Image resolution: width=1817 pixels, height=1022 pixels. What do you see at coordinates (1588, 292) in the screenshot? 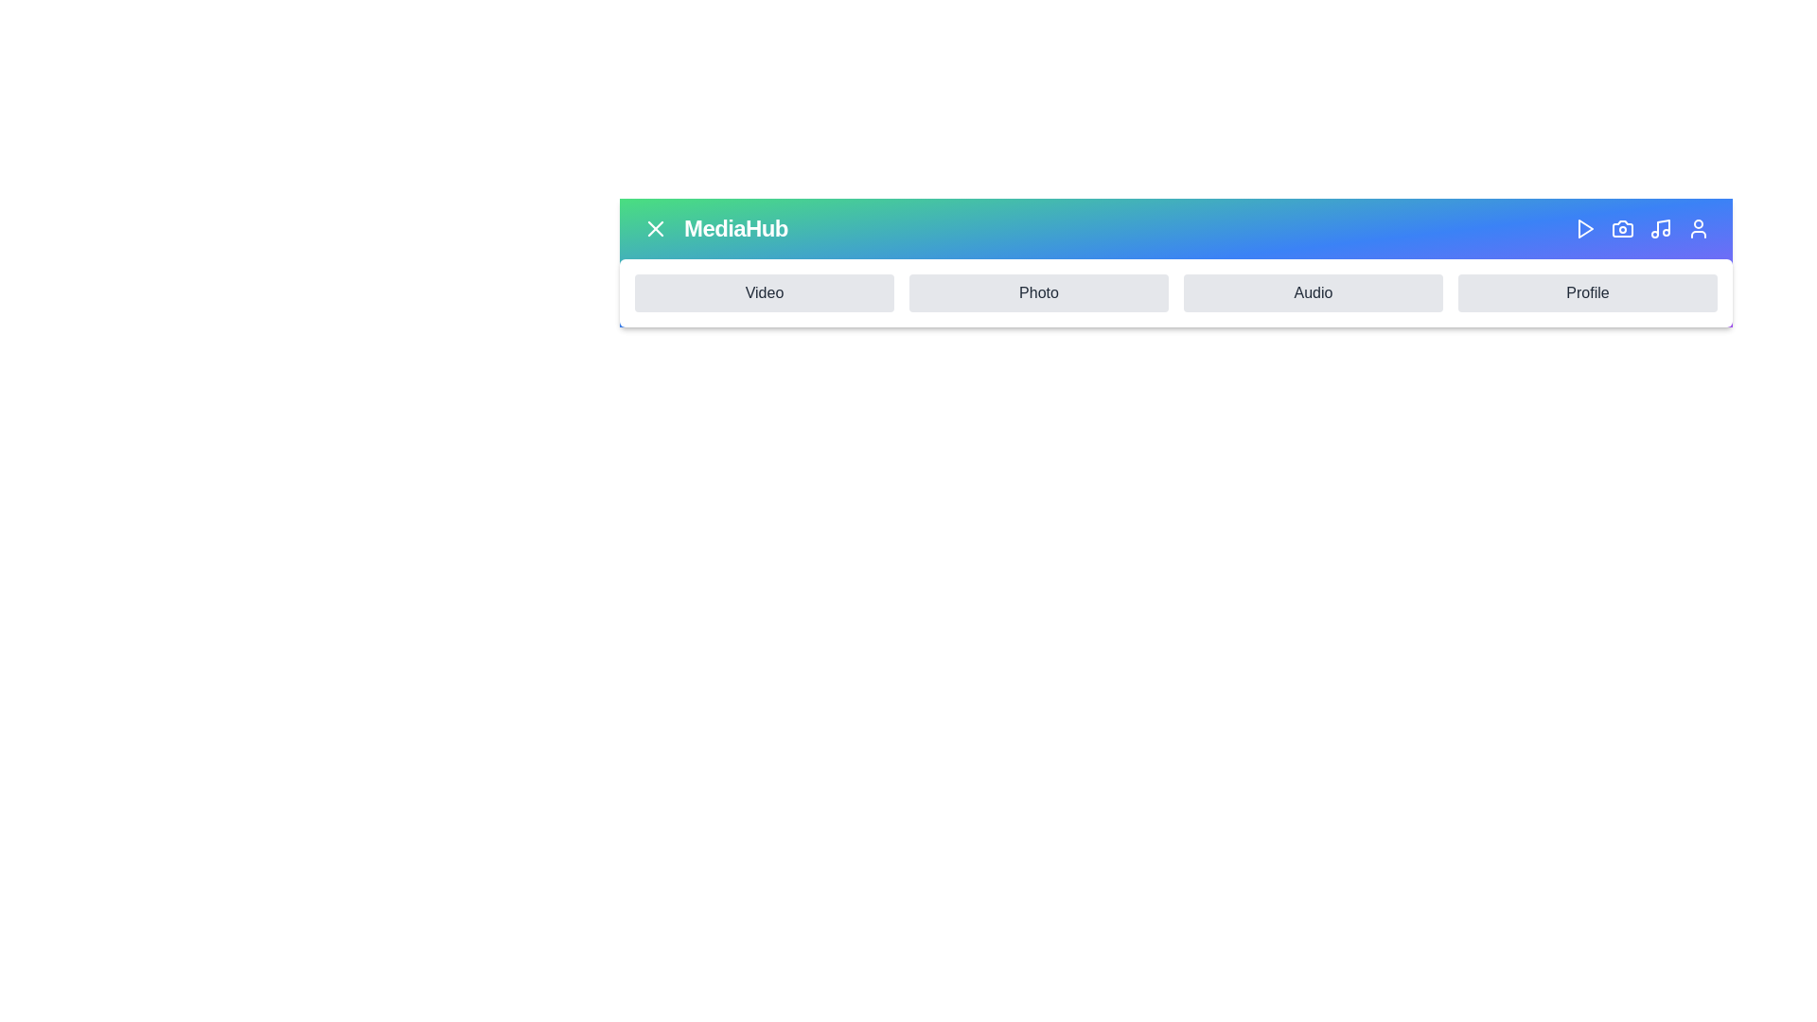
I see `the navigation item Profile by clicking on its respective button` at bounding box center [1588, 292].